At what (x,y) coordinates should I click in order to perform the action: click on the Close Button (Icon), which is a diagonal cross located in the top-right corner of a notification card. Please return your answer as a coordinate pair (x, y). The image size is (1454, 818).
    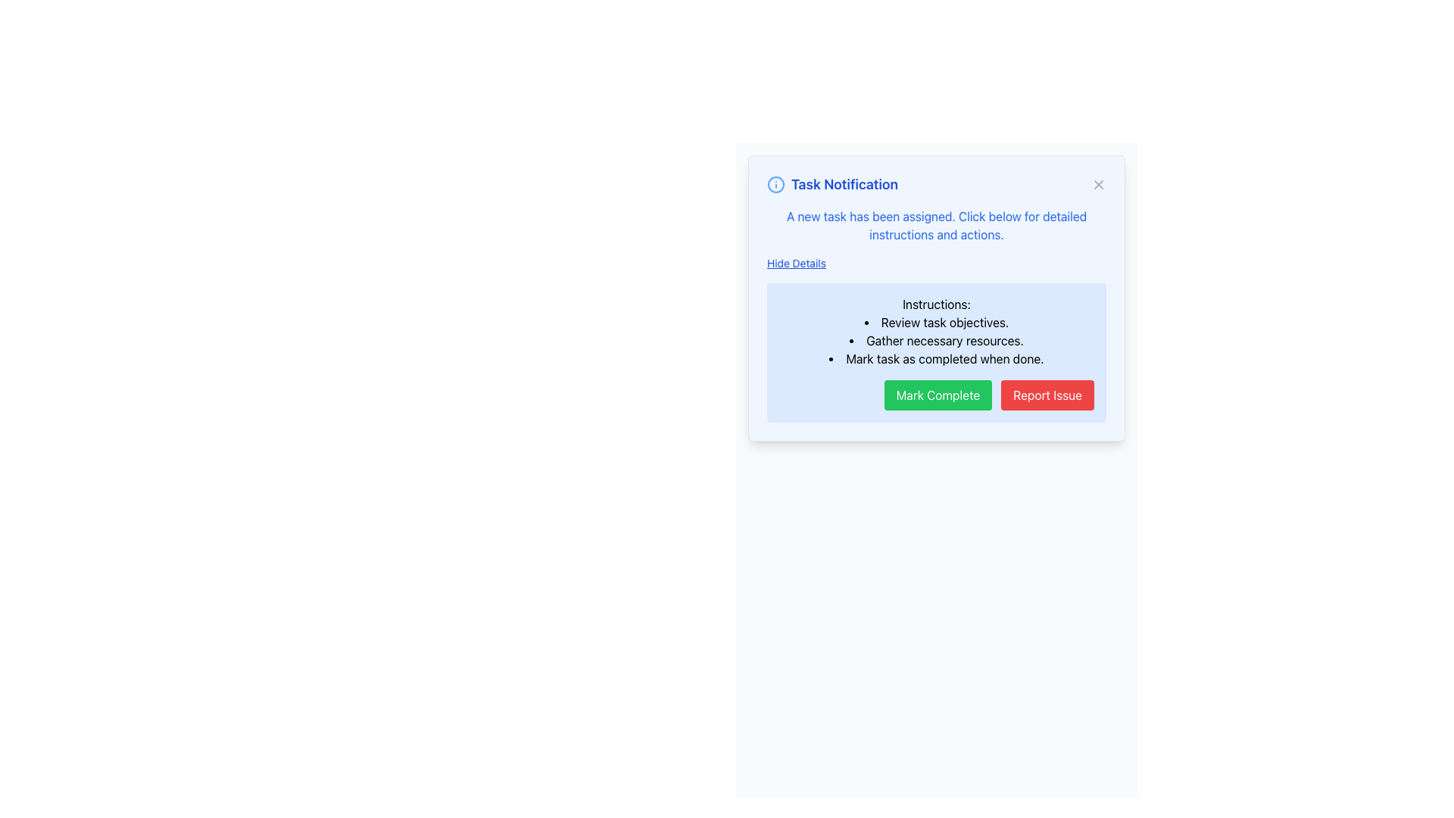
    Looking at the image, I should click on (1098, 183).